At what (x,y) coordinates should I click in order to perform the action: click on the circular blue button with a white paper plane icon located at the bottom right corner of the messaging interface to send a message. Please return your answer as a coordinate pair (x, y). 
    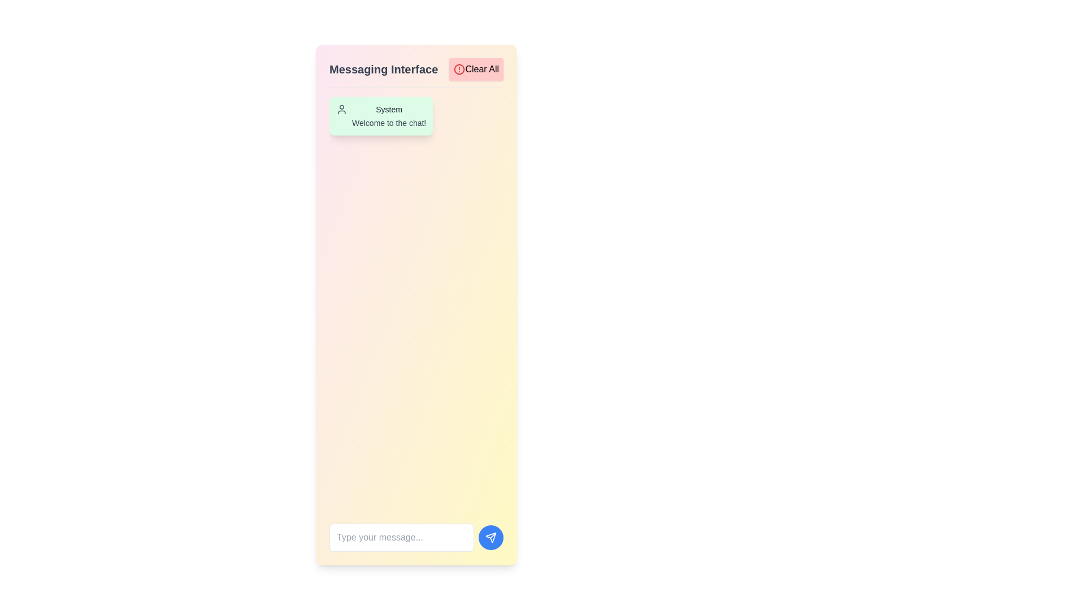
    Looking at the image, I should click on (491, 537).